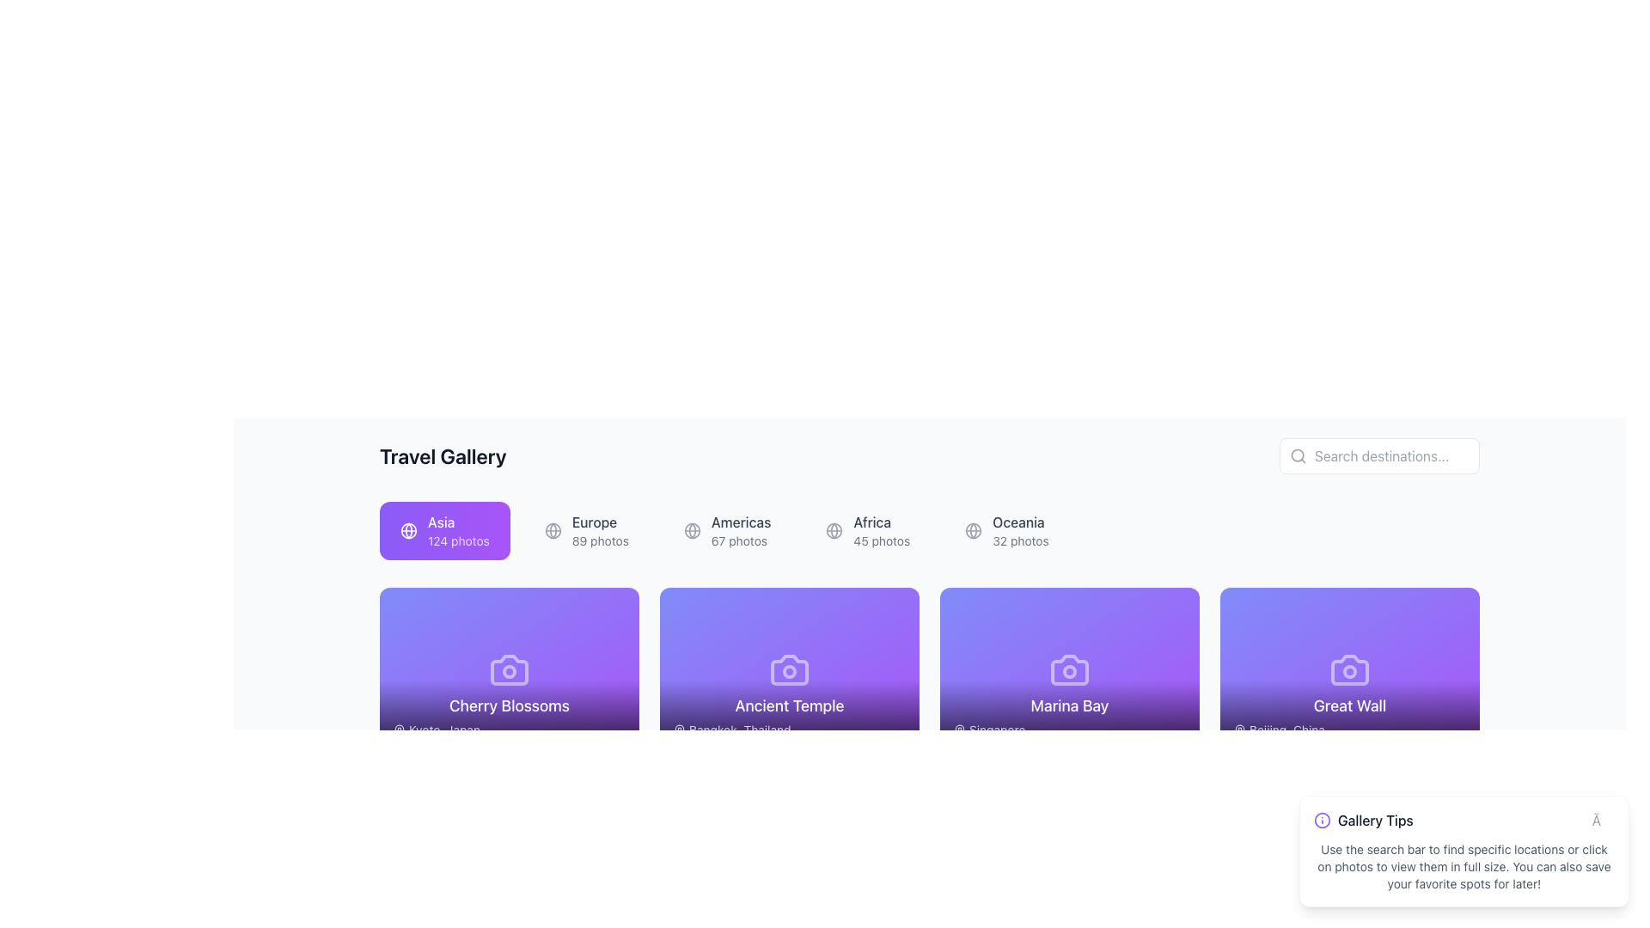  Describe the element at coordinates (788, 669) in the screenshot. I see `the 'Ancient Temple' card located in the first row of the grid layout` at that location.